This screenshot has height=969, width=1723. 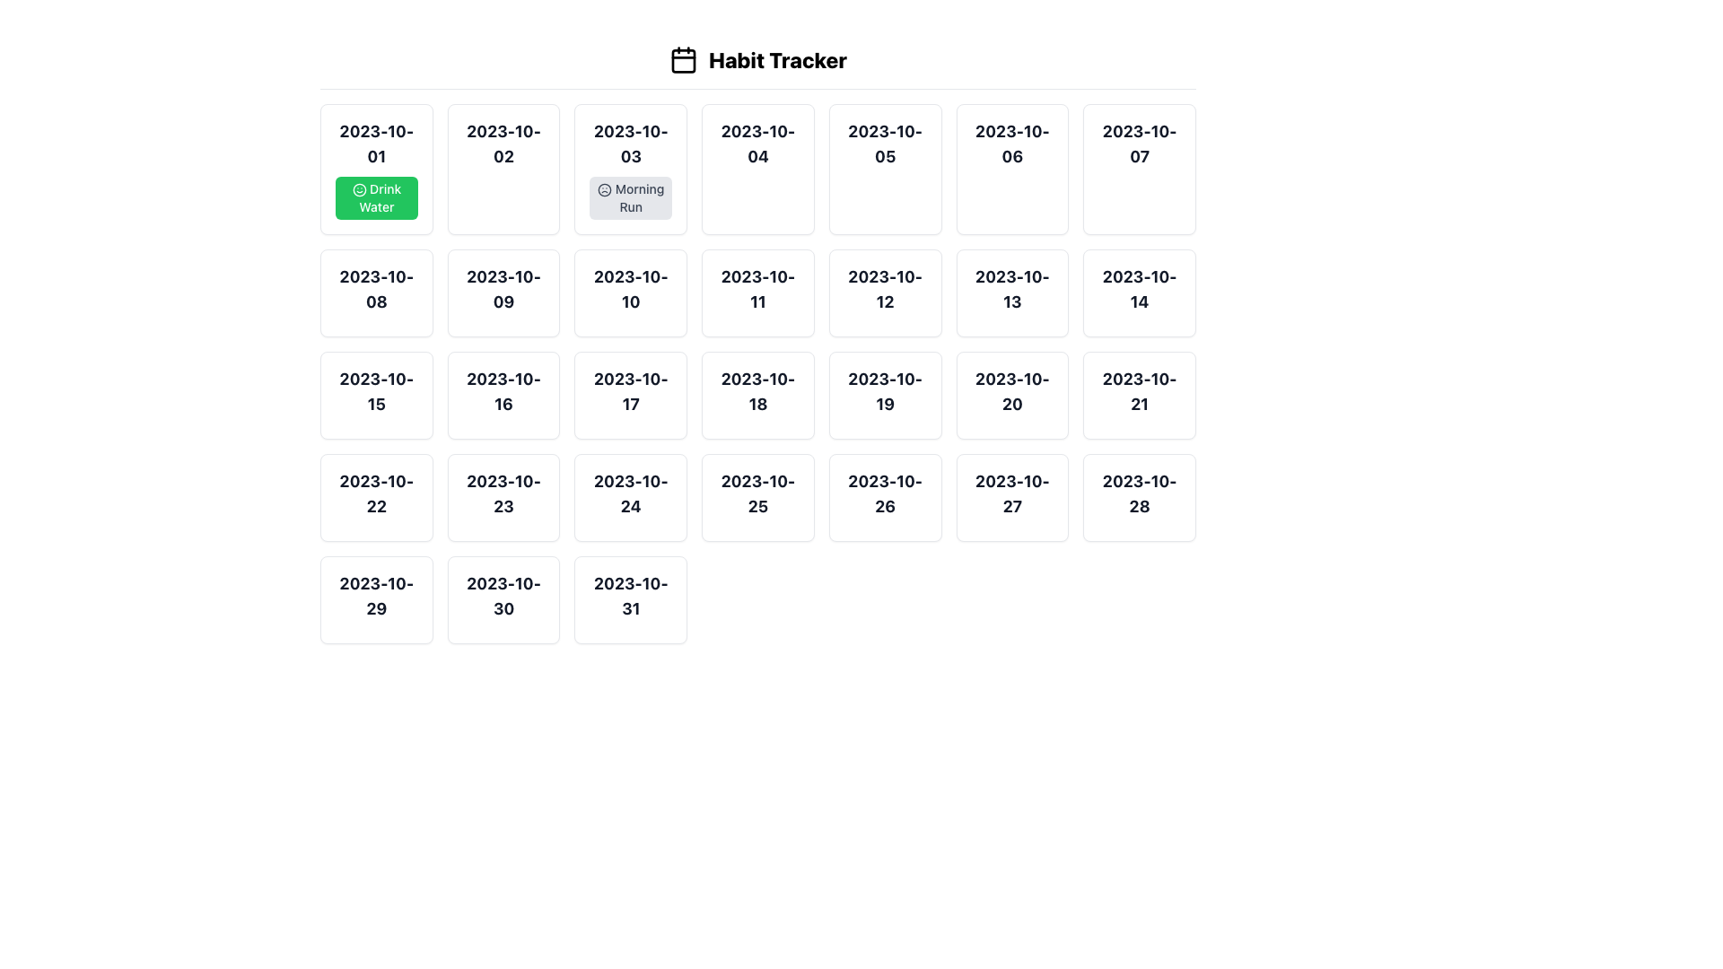 What do you see at coordinates (1139, 144) in the screenshot?
I see `the text label displaying the date '2023-10-07' in the top-right corner of the calendar interface` at bounding box center [1139, 144].